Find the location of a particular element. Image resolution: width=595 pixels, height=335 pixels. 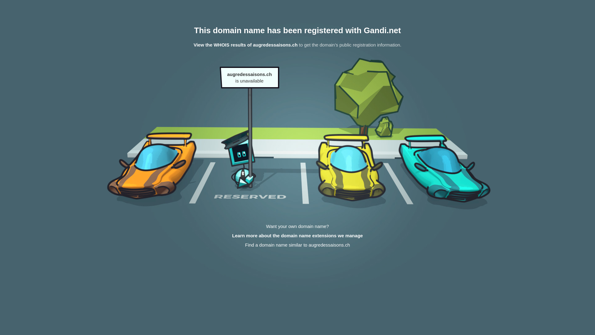

'View the WHOIS results of augredessaisons.ch' is located at coordinates (245, 44).